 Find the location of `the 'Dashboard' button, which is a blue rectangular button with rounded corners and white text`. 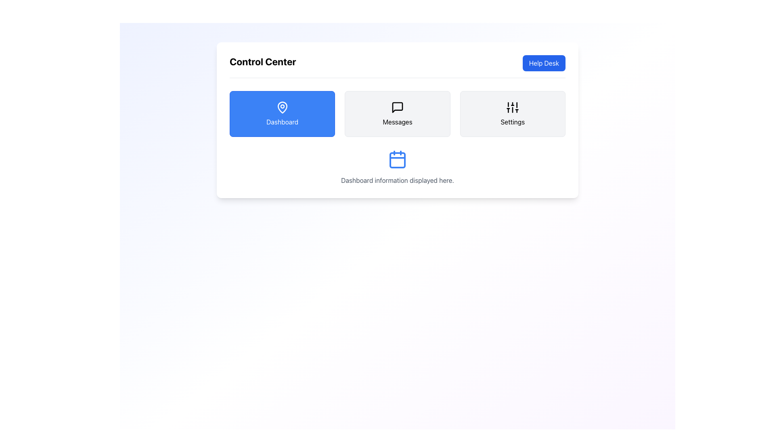

the 'Dashboard' button, which is a blue rectangular button with rounded corners and white text is located at coordinates (282, 114).